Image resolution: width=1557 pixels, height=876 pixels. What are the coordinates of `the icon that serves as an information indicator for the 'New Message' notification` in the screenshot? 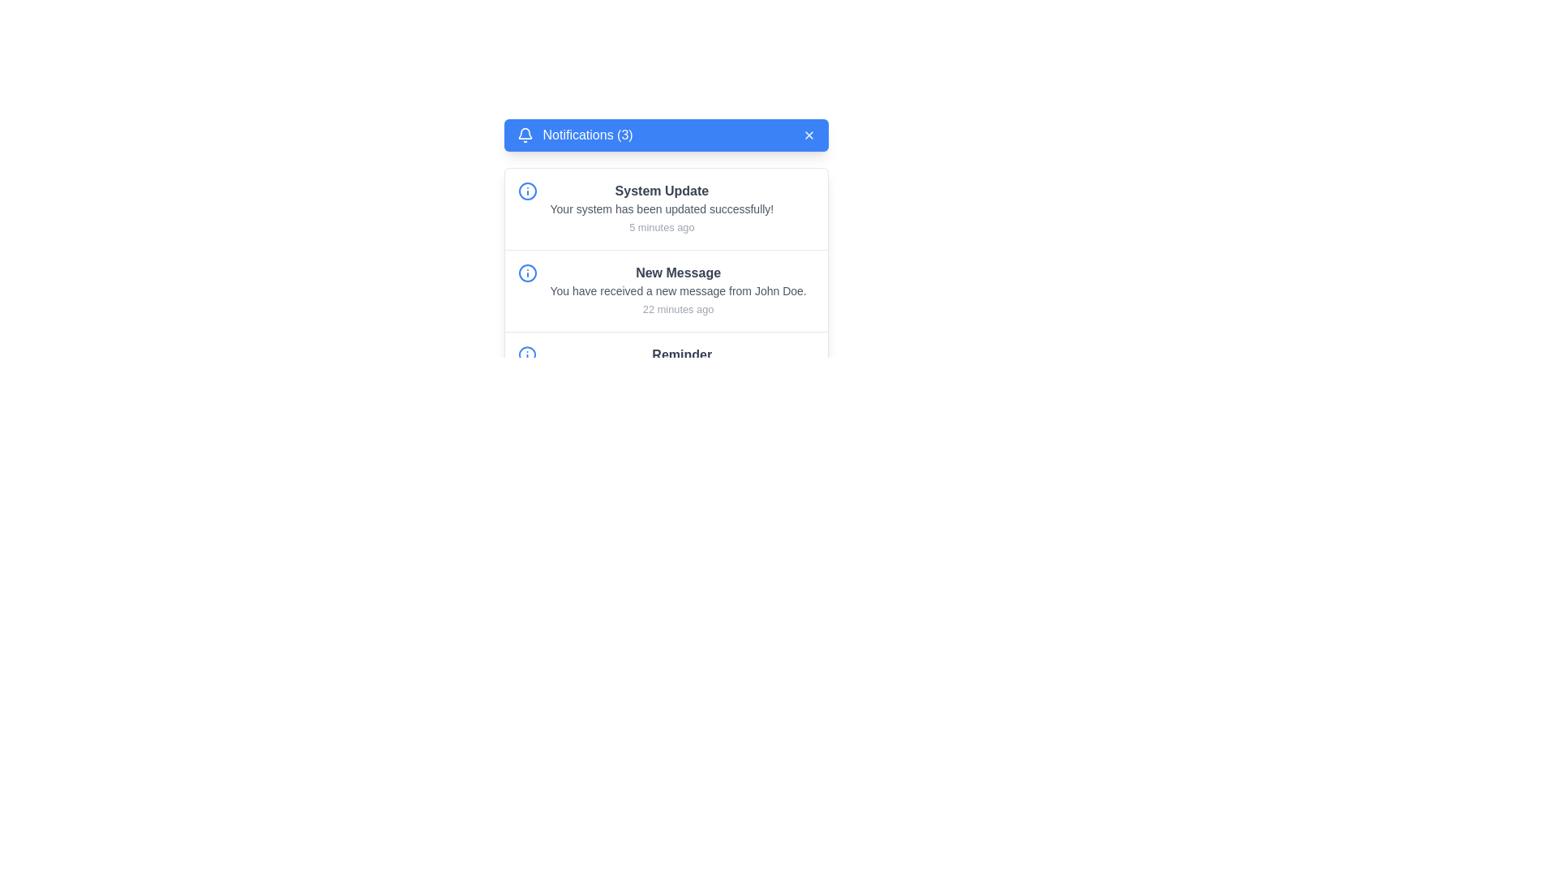 It's located at (527, 272).